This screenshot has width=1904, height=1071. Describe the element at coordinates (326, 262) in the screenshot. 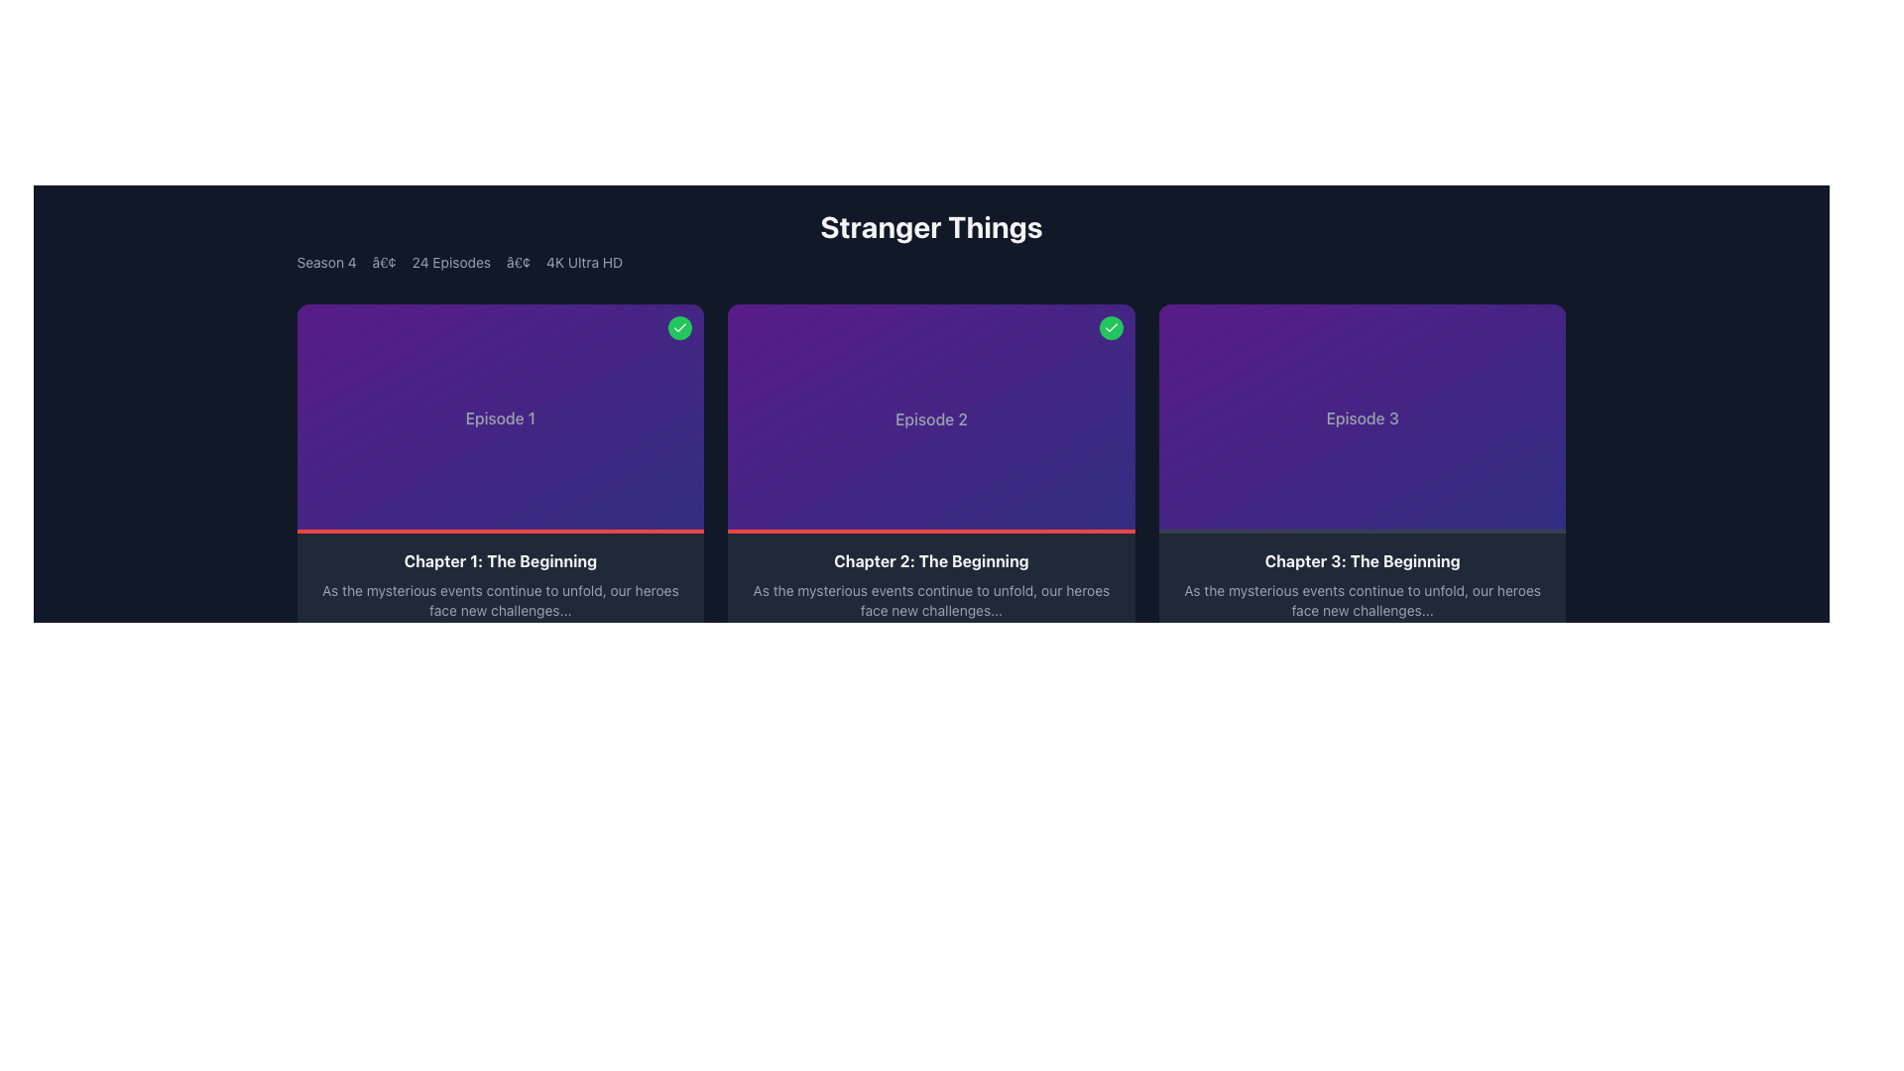

I see `the season name` at that location.